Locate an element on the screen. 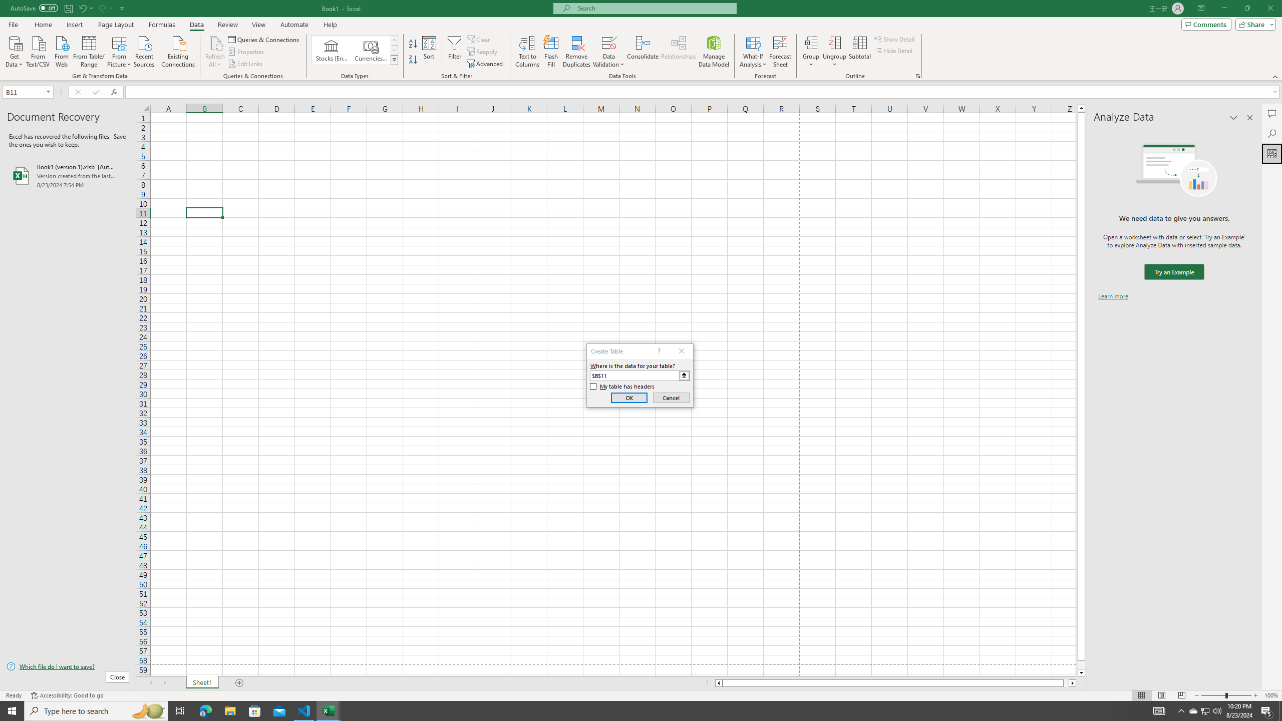 This screenshot has width=1282, height=721. 'Data Validation...' is located at coordinates (608, 52).